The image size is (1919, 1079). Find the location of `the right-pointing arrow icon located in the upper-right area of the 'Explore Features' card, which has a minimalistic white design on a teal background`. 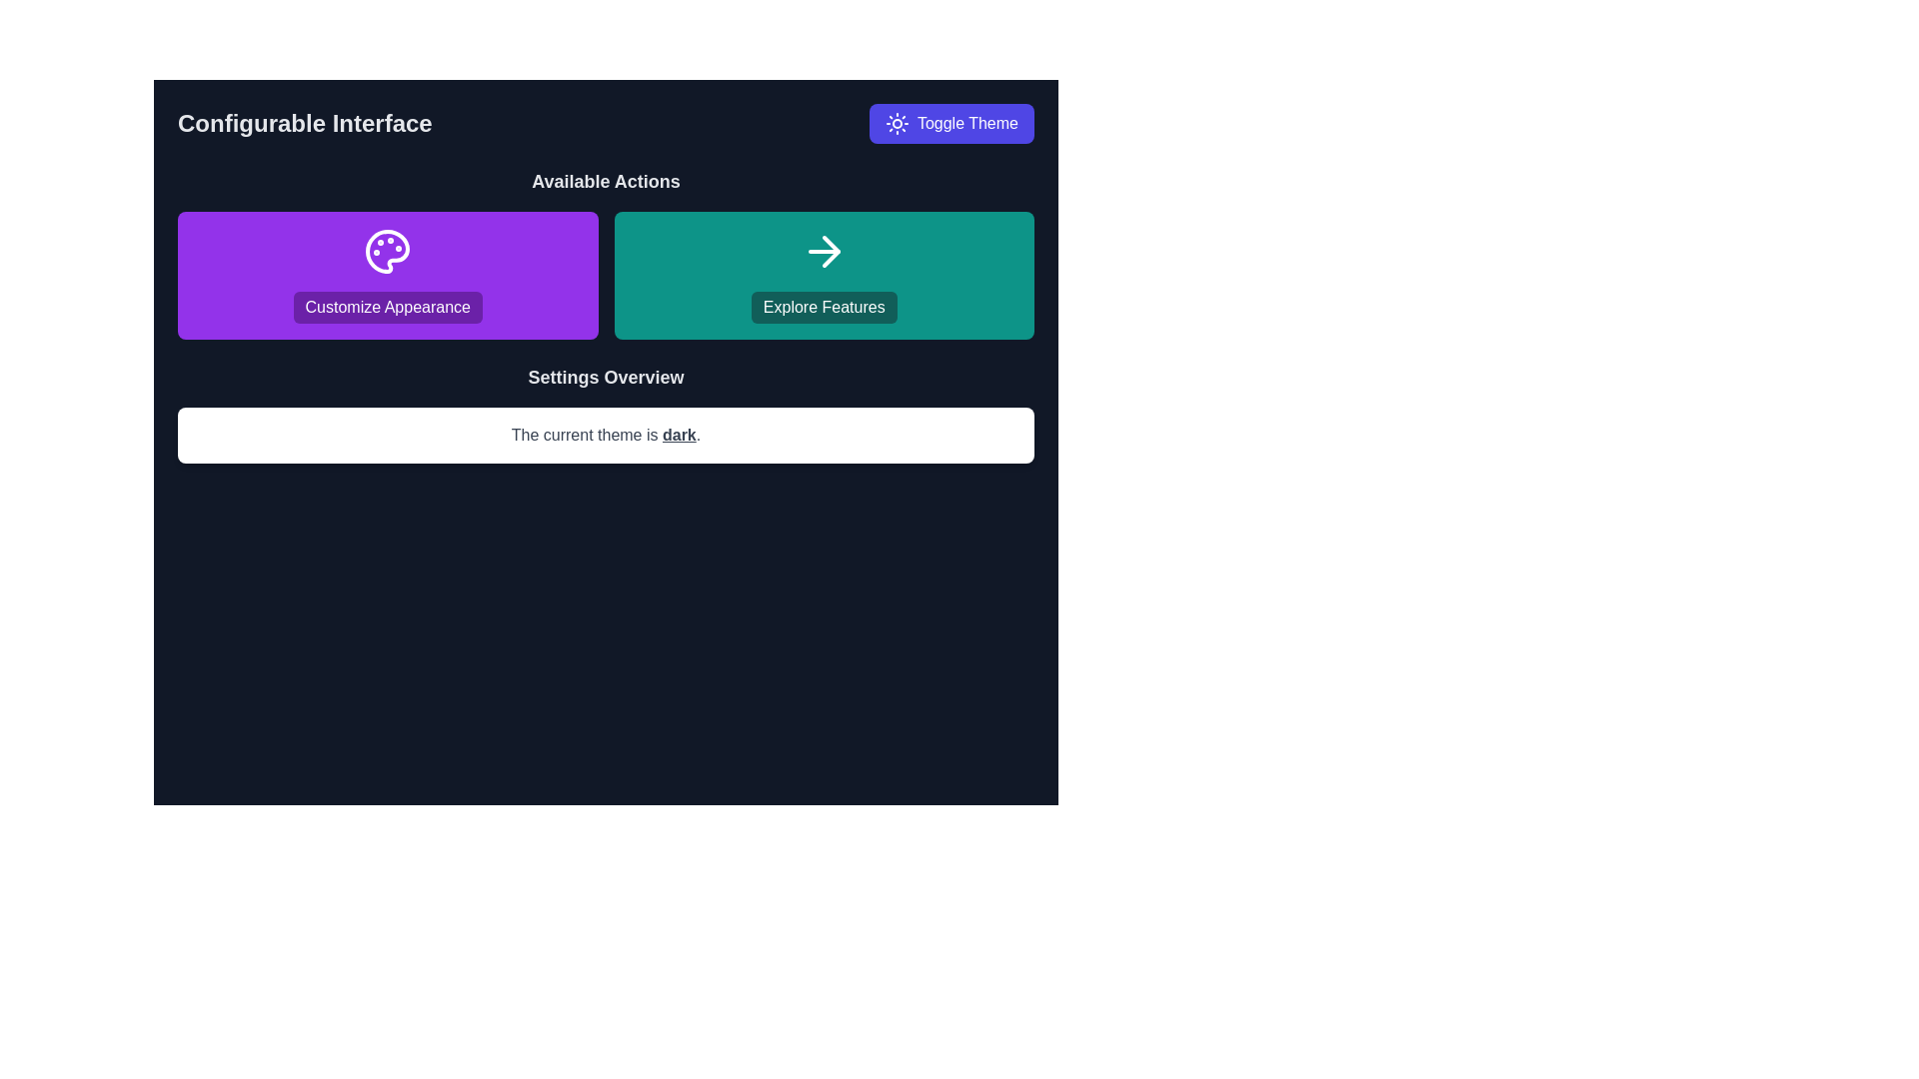

the right-pointing arrow icon located in the upper-right area of the 'Explore Features' card, which has a minimalistic white design on a teal background is located at coordinates (824, 250).